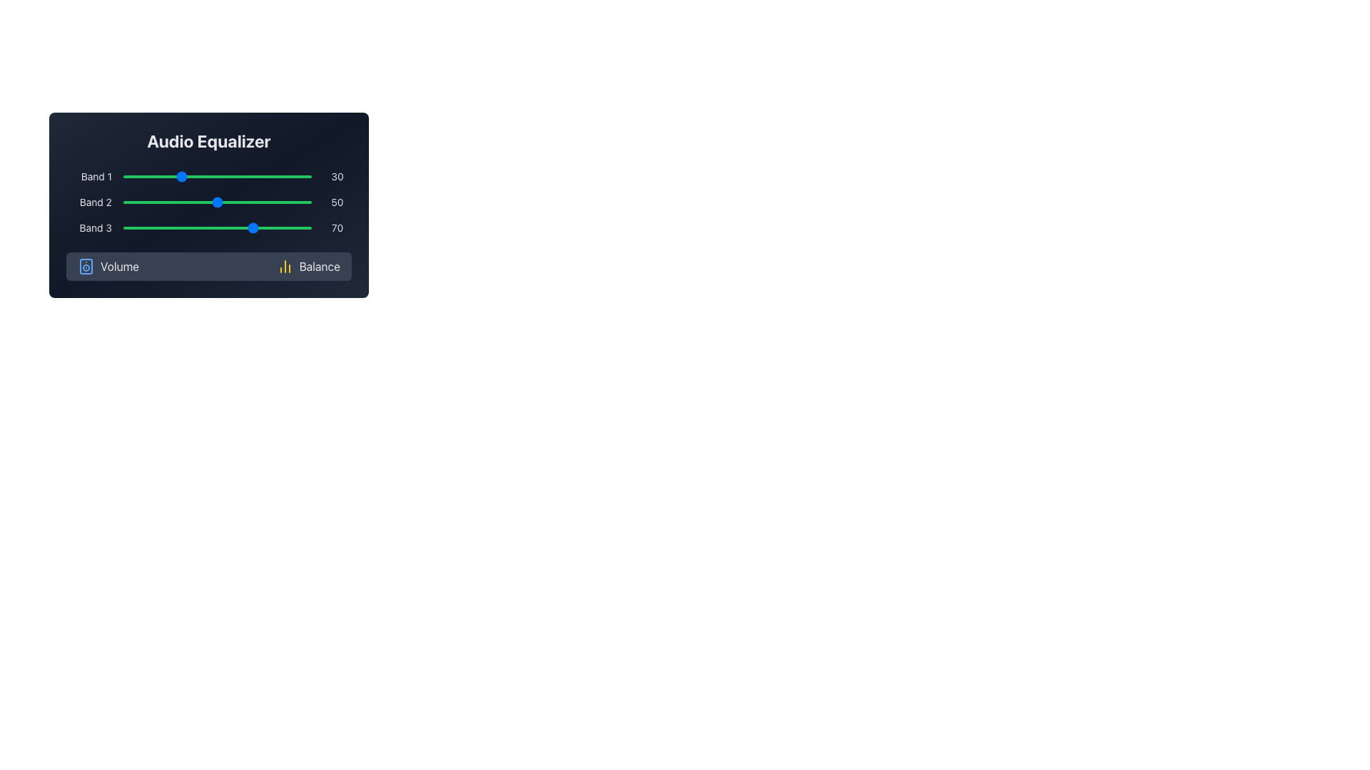  I want to click on the Band 3 slider, so click(163, 227).